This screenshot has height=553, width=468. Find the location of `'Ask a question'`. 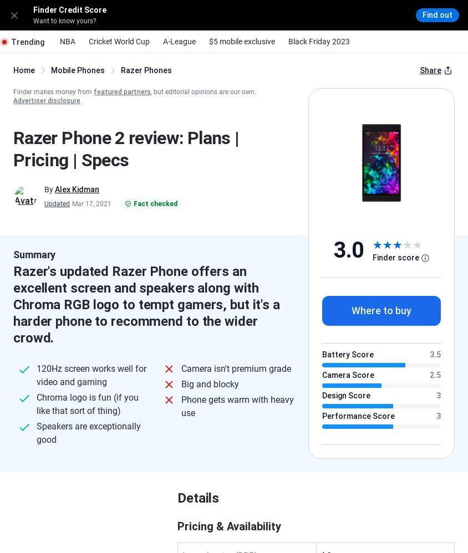

'Ask a question' is located at coordinates (184, 322).